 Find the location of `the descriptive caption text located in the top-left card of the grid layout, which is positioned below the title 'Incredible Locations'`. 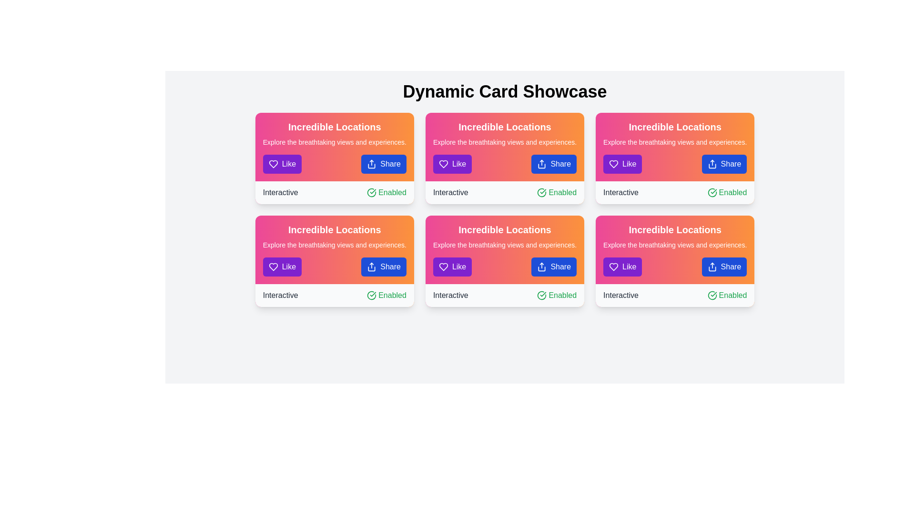

the descriptive caption text located in the top-left card of the grid layout, which is positioned below the title 'Incredible Locations' is located at coordinates (335, 142).